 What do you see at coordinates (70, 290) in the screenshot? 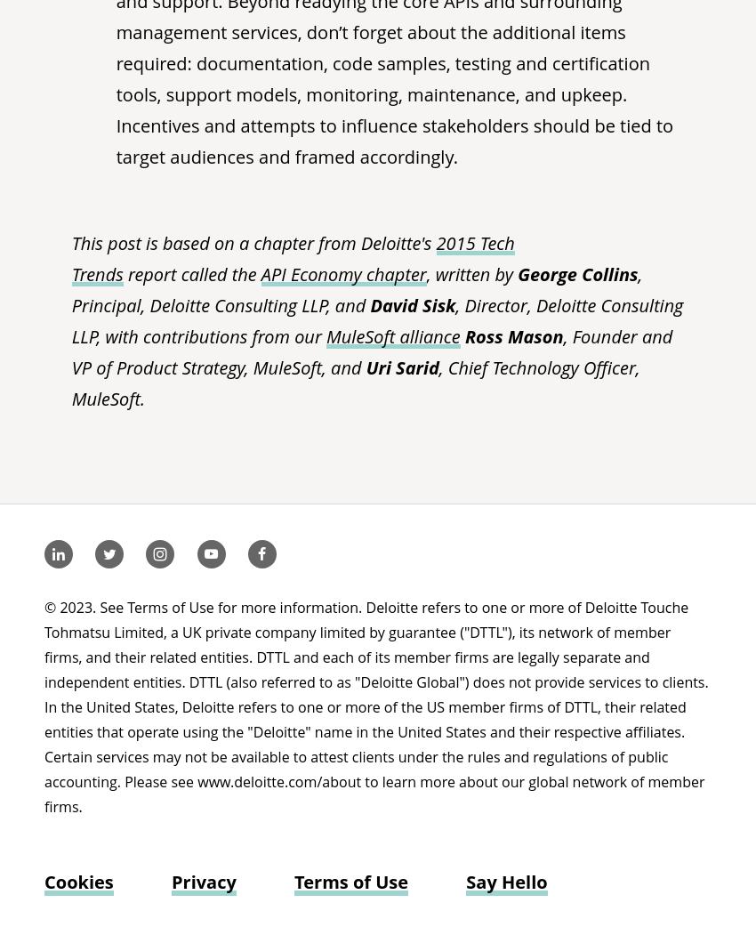
I see `', Principal, Deloitte Consulting LLP, and'` at bounding box center [70, 290].